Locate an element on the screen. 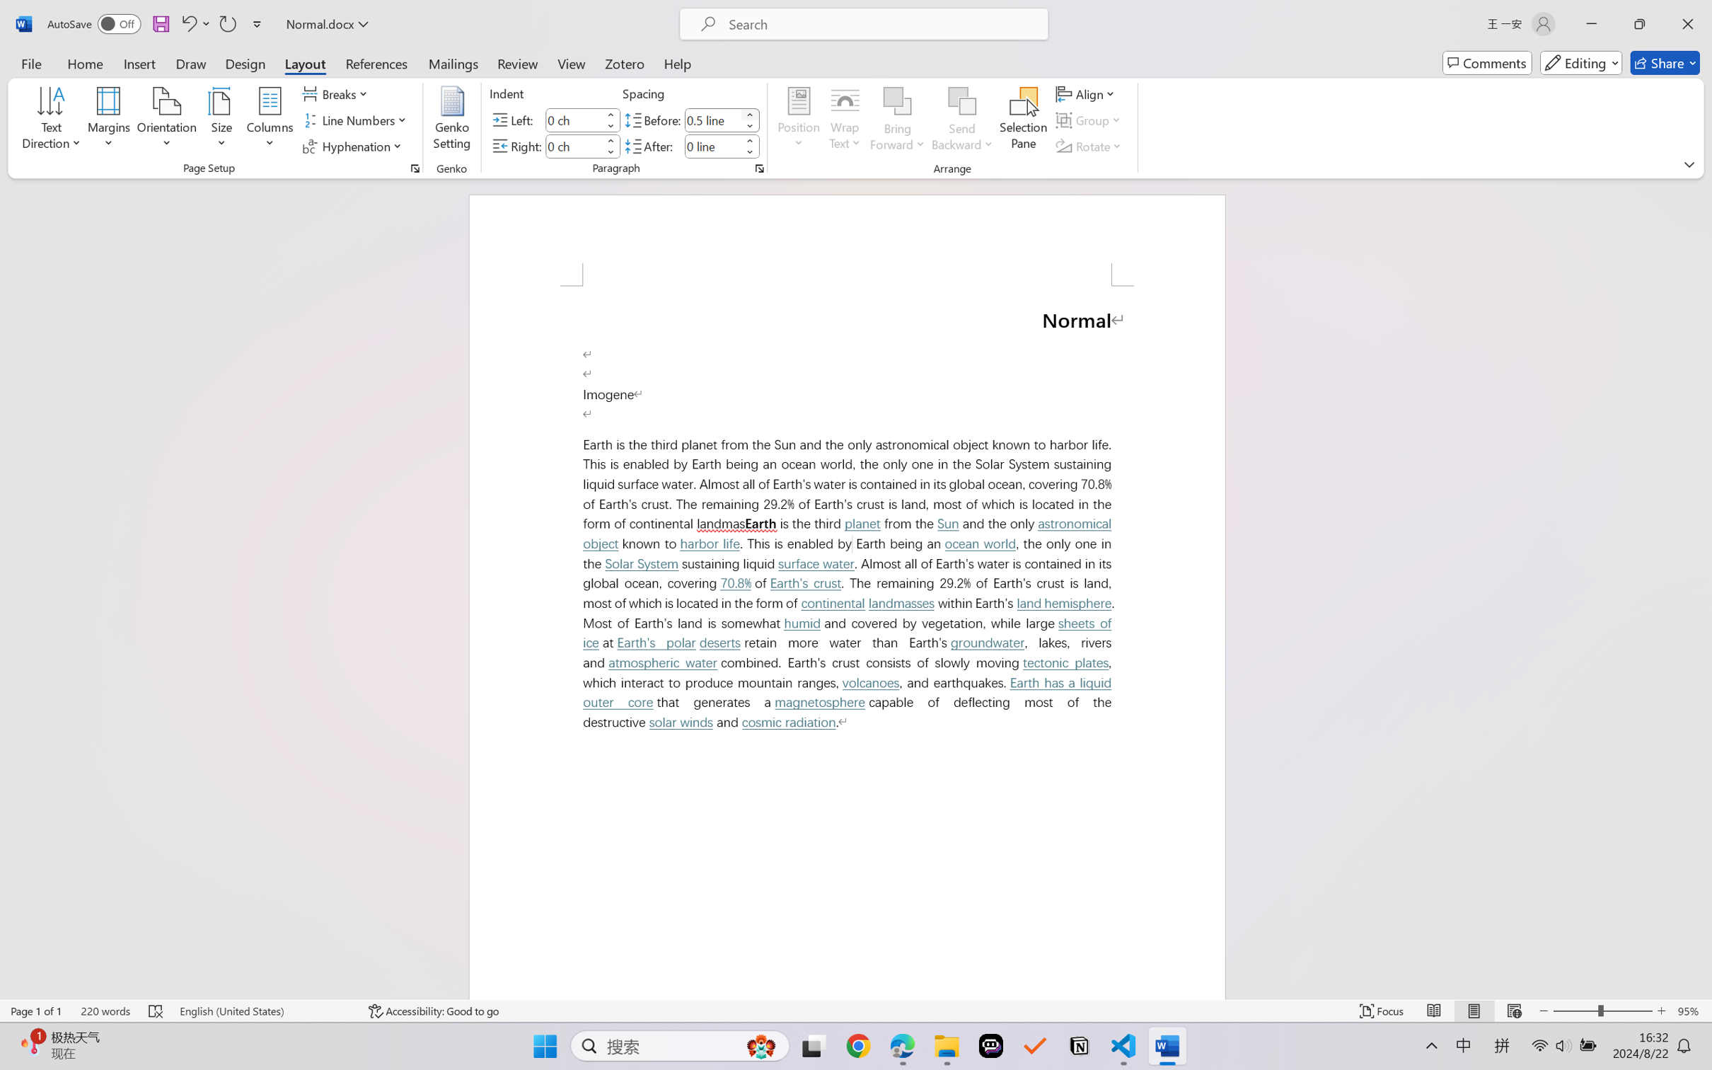 The width and height of the screenshot is (1712, 1070). '70.8%' is located at coordinates (736, 582).